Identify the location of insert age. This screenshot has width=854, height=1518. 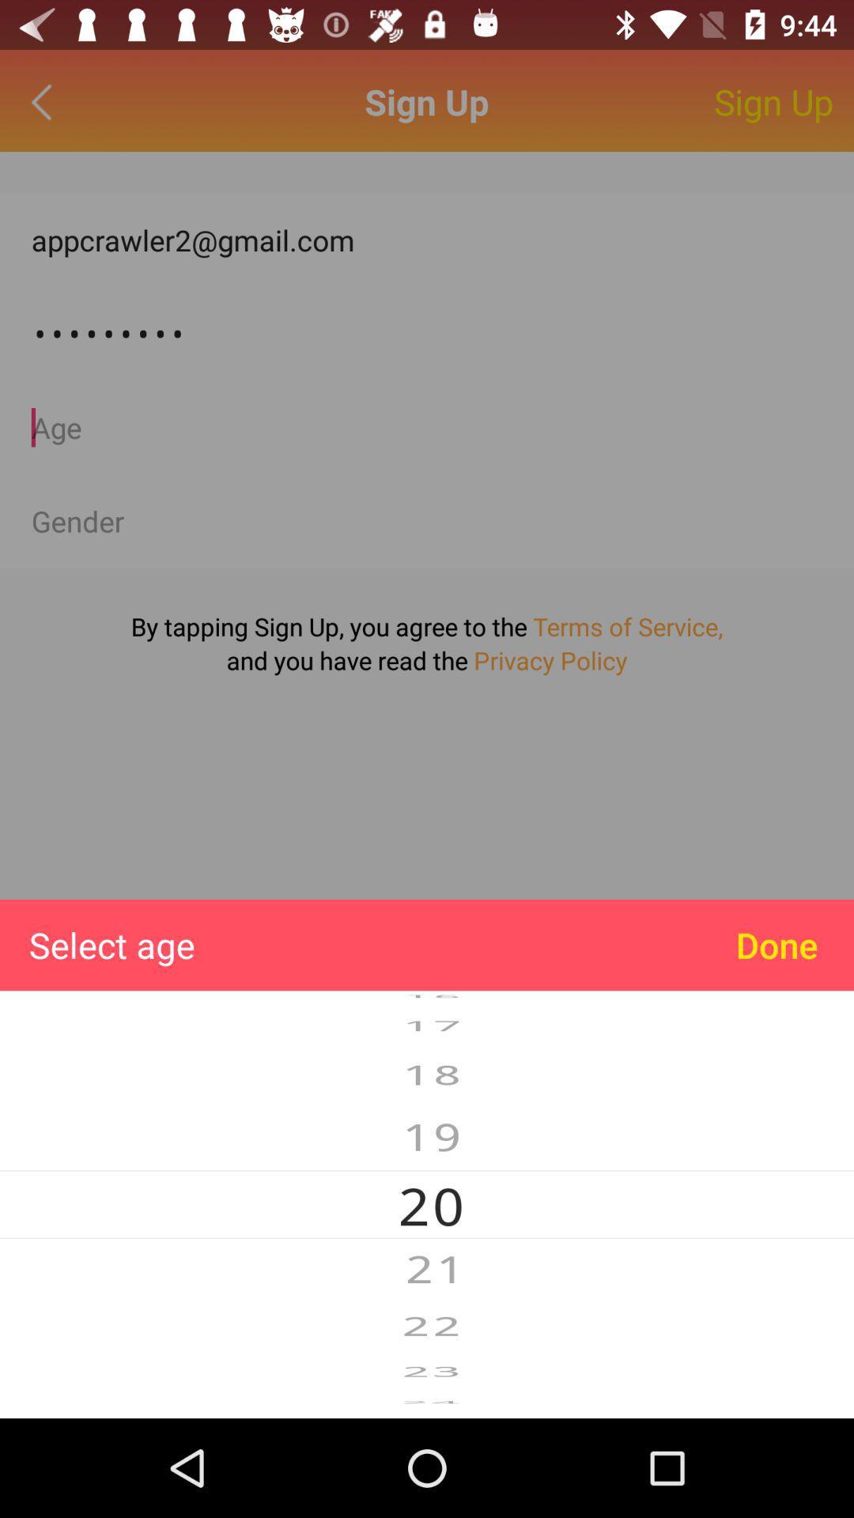
(427, 427).